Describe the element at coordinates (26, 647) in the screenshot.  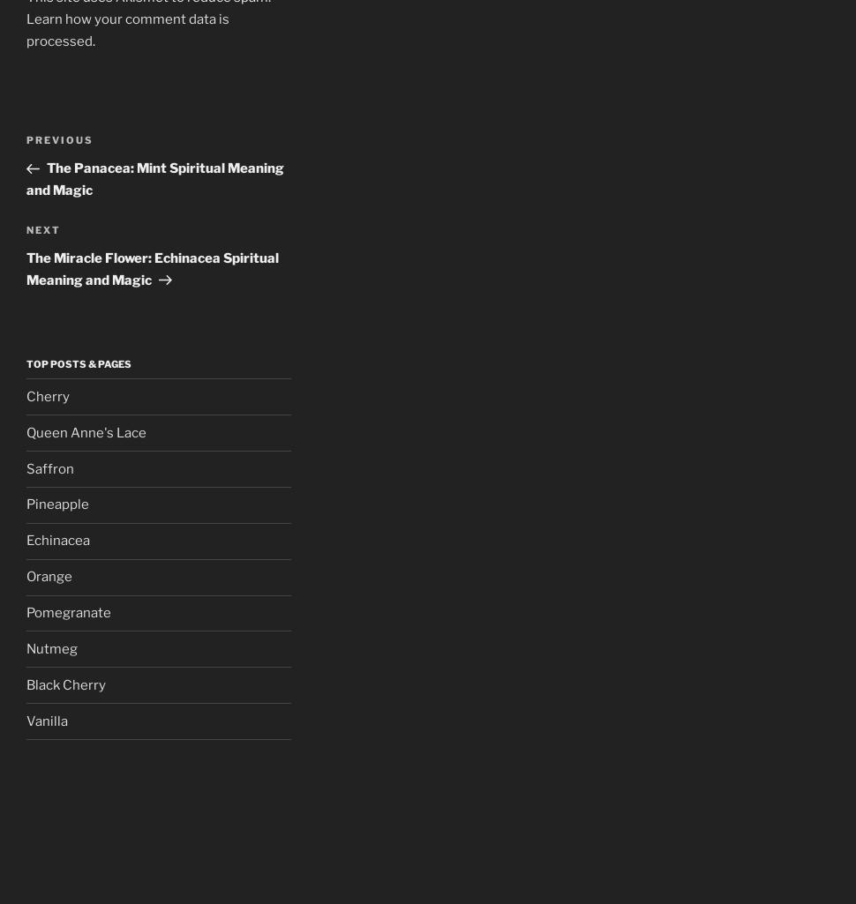
I see `'Nutmeg'` at that location.